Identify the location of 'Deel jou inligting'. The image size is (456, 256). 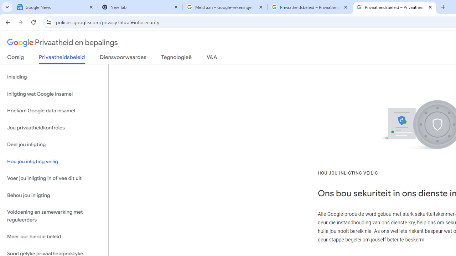
(54, 144).